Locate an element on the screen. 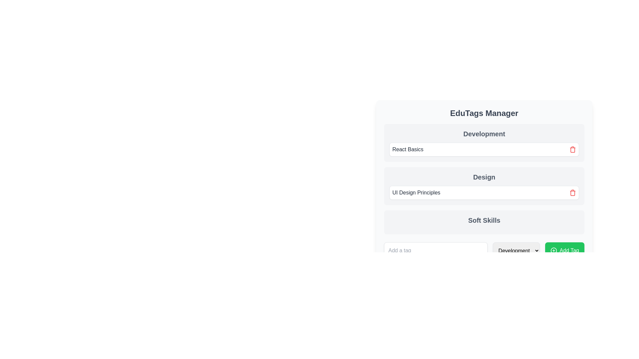  the circular outline of the '+' icon located in the bottom right corner of the interface is located at coordinates (553, 250).